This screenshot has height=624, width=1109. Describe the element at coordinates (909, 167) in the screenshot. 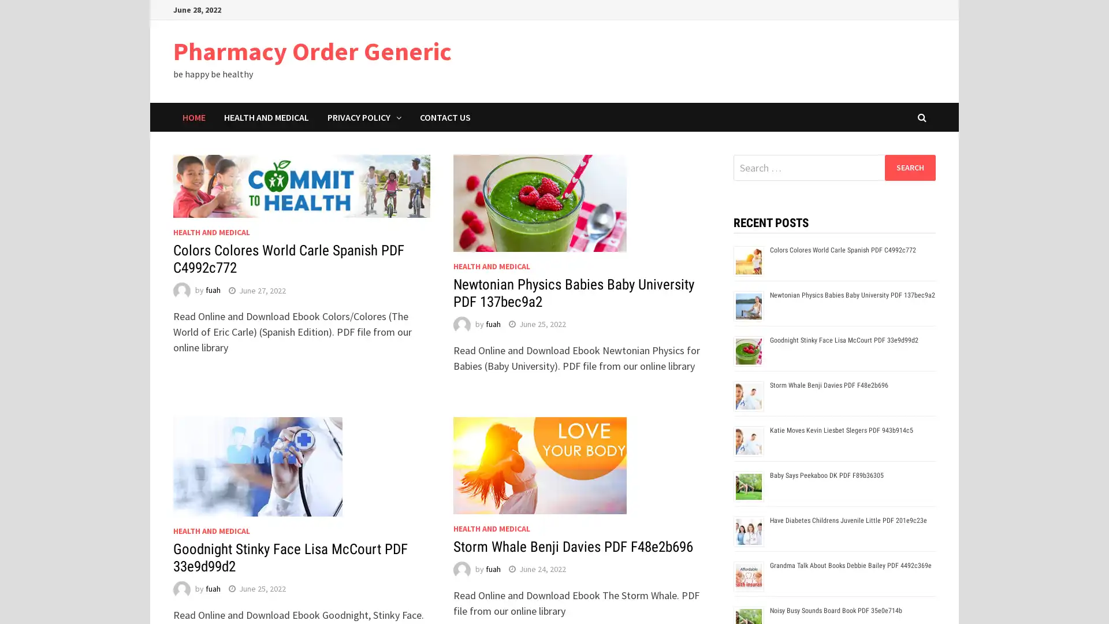

I see `Search` at that location.